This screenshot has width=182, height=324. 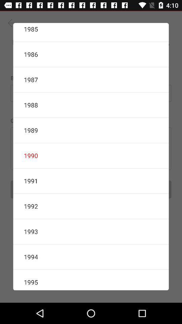 What do you see at coordinates (91, 232) in the screenshot?
I see `the 1993` at bounding box center [91, 232].